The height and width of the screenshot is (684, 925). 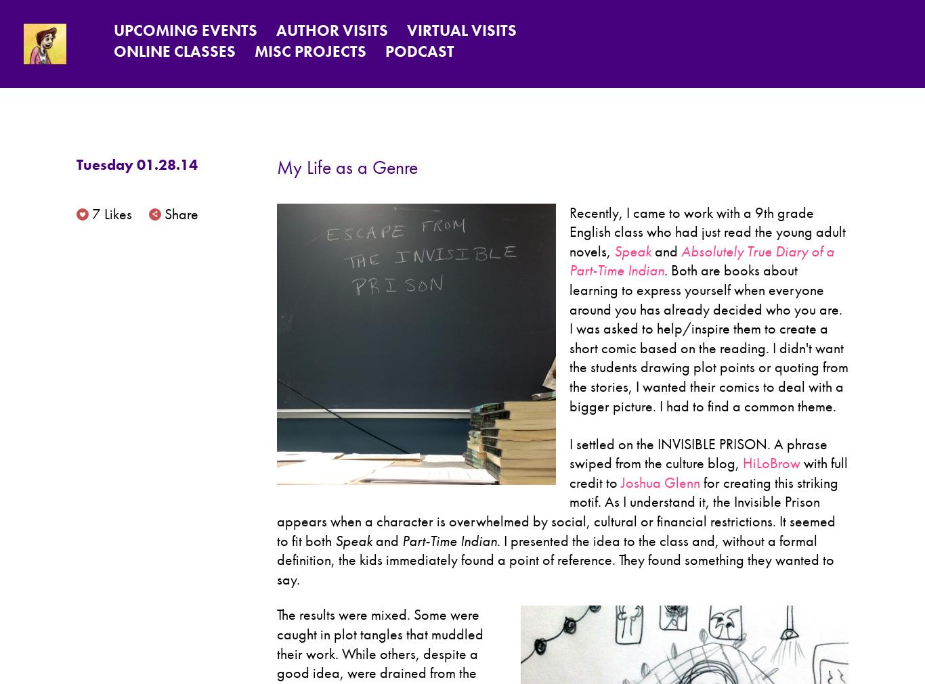 I want to click on 'for creating this striking motif. As I understand it, the Invisible Prison appears when a character is overwhelmed by social, cultural or financial restrictions. It seemed to fit both', so click(x=556, y=510).